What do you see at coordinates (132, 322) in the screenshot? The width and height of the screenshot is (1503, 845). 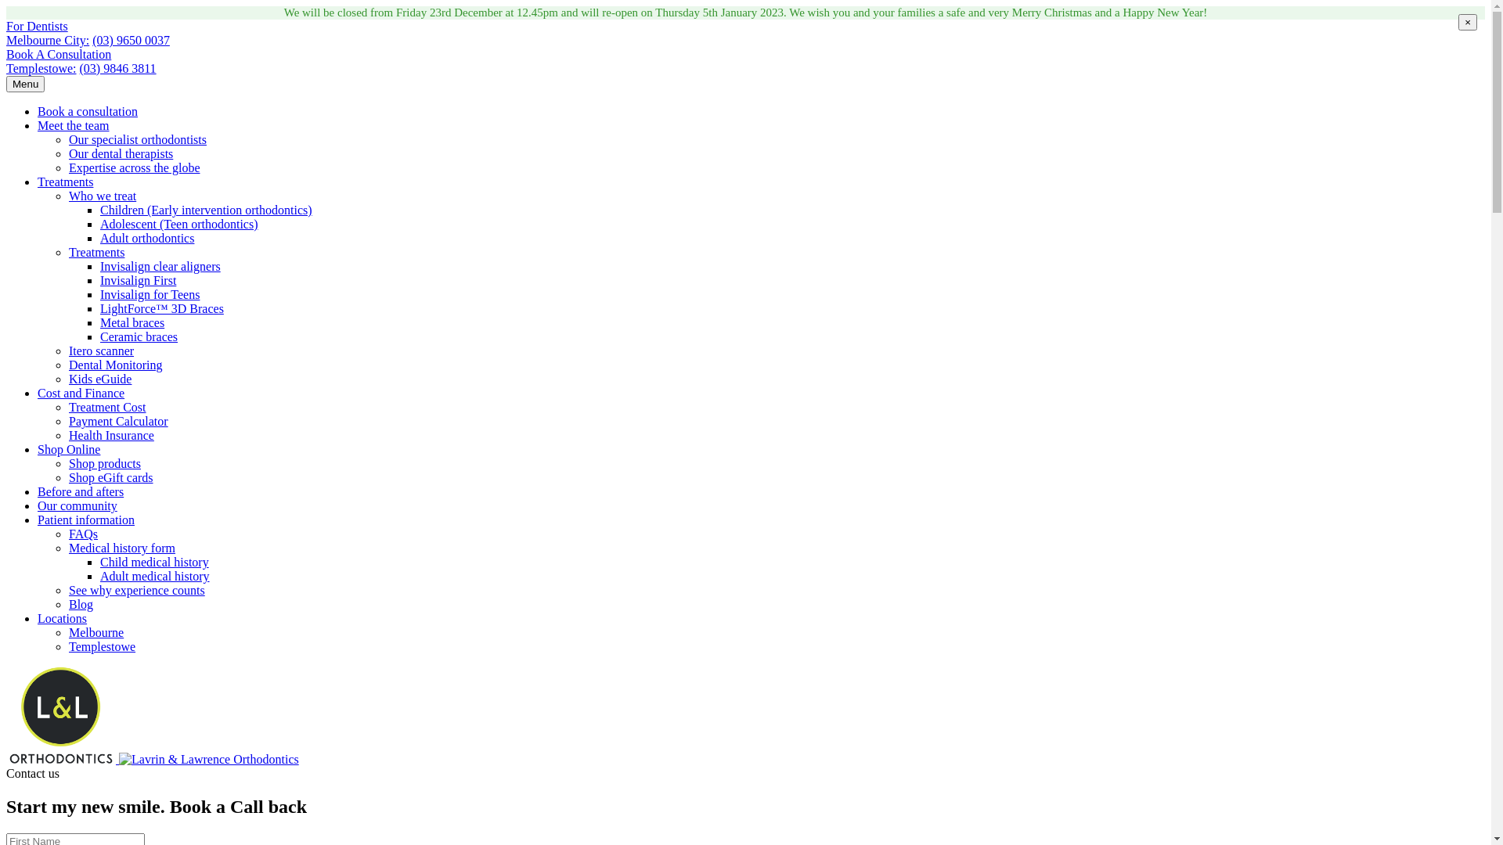 I see `'Metal braces'` at bounding box center [132, 322].